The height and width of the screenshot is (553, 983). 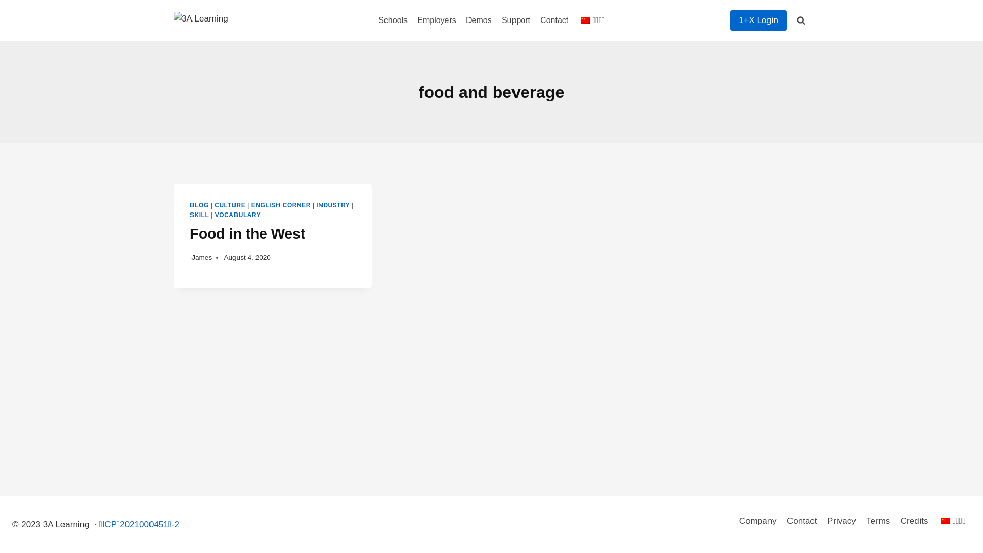 What do you see at coordinates (914, 521) in the screenshot?
I see `'Credits'` at bounding box center [914, 521].